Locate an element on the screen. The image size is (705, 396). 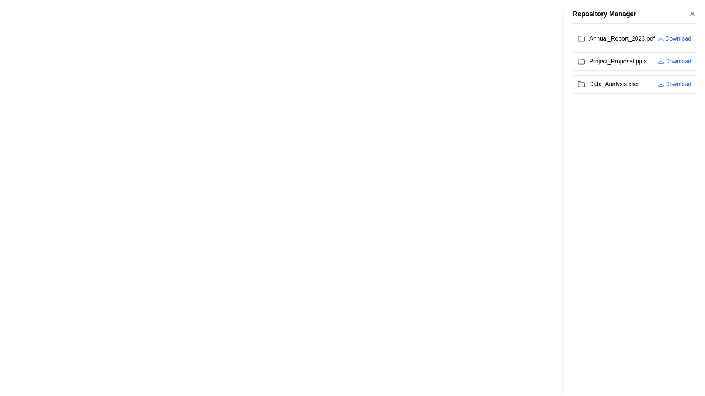
the text label displaying 'Data_Analysis.xlsx' is located at coordinates (614, 84).